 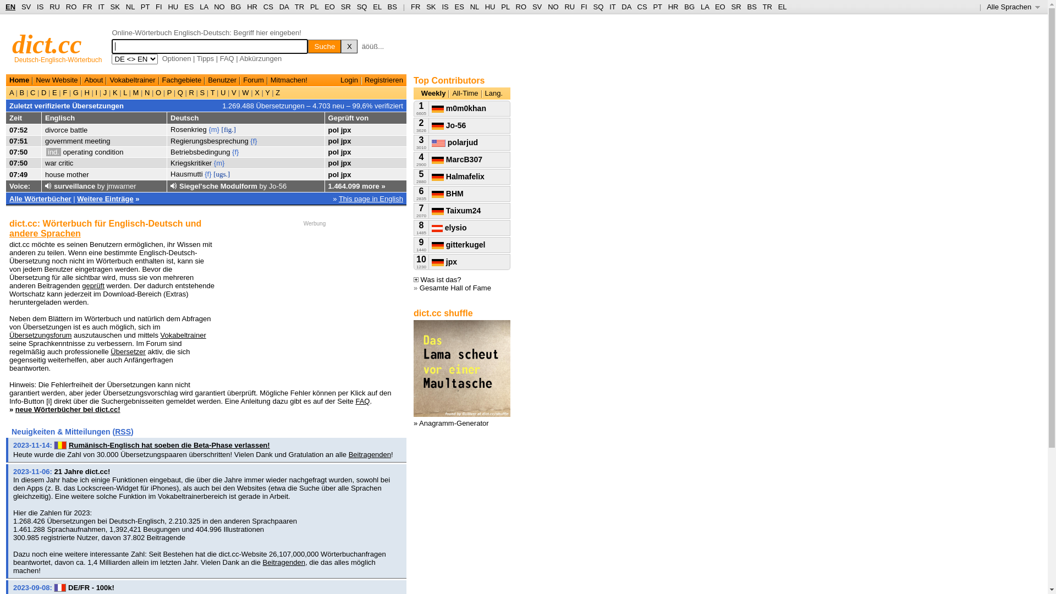 What do you see at coordinates (121, 185) in the screenshot?
I see `'jmwarner'` at bounding box center [121, 185].